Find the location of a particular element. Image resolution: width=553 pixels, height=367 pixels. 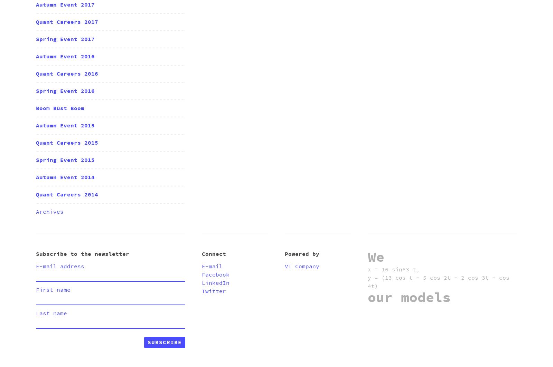

'our models' is located at coordinates (367, 298).